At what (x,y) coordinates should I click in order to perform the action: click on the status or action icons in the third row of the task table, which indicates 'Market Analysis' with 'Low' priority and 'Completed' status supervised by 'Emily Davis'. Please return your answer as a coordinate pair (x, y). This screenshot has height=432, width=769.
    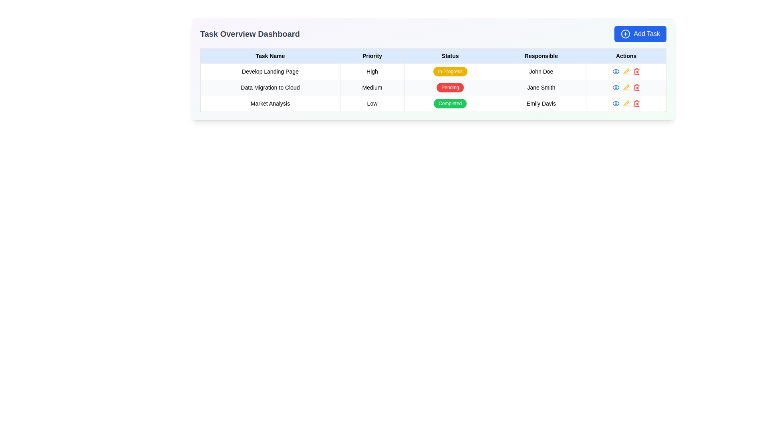
    Looking at the image, I should click on (433, 103).